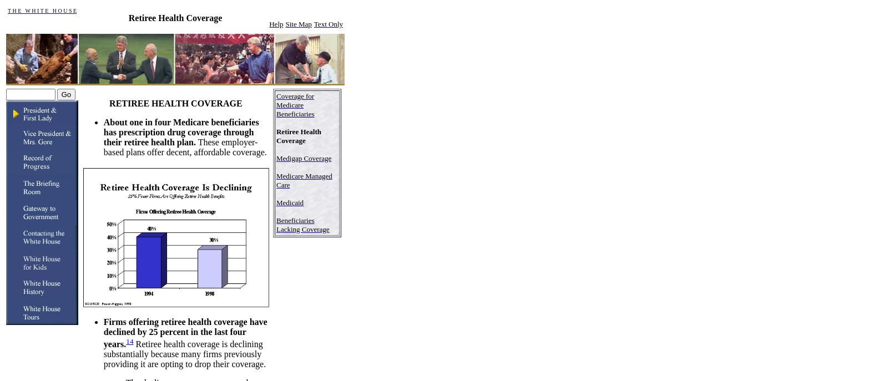  What do you see at coordinates (294, 104) in the screenshot?
I see `'Coverage for Medicare Beneficiaries'` at bounding box center [294, 104].